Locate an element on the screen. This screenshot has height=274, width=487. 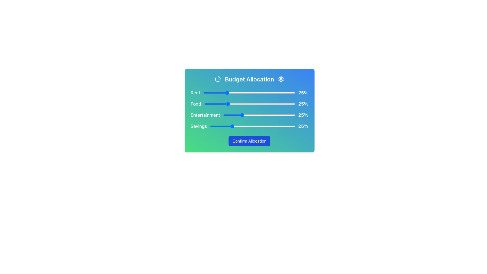
the Entertainment budget percentage is located at coordinates (248, 115).